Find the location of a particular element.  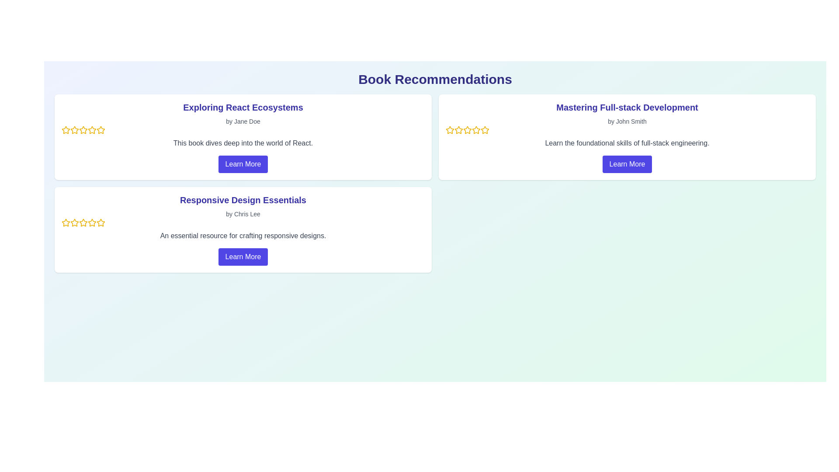

the second star icon in the five-star rating component under the 'Exploring React Ecosystems' section is located at coordinates (83, 130).